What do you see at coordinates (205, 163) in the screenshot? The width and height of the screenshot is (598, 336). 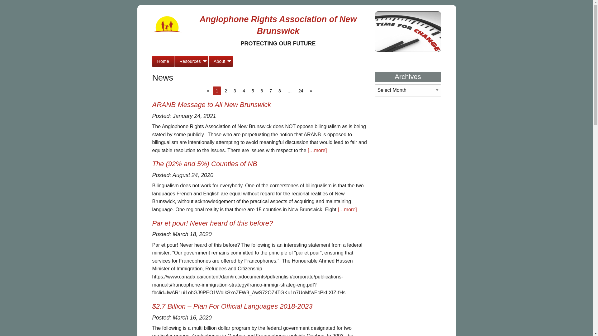 I see `'The (92% and 5%) Counties of NB'` at bounding box center [205, 163].